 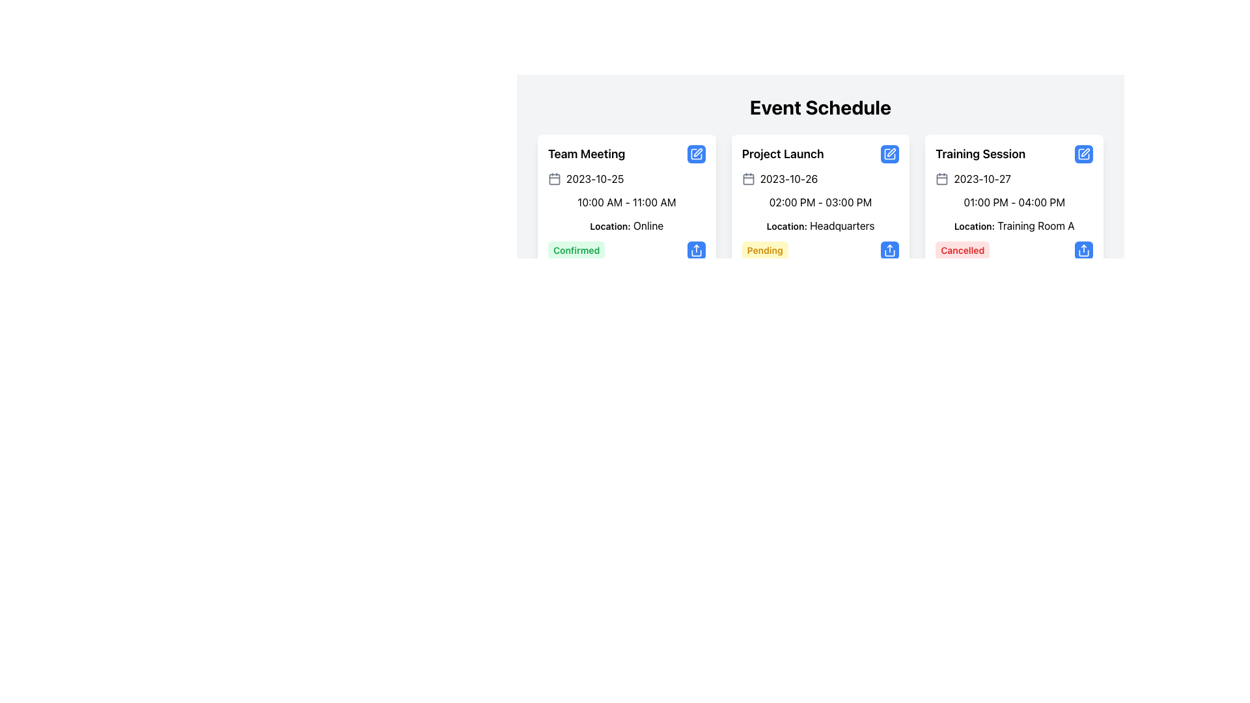 I want to click on scheduled time duration displayed as '10:00 AM - 11:00 AM' in the static text display located in the event details card for 'Team Meeting', so click(x=626, y=202).